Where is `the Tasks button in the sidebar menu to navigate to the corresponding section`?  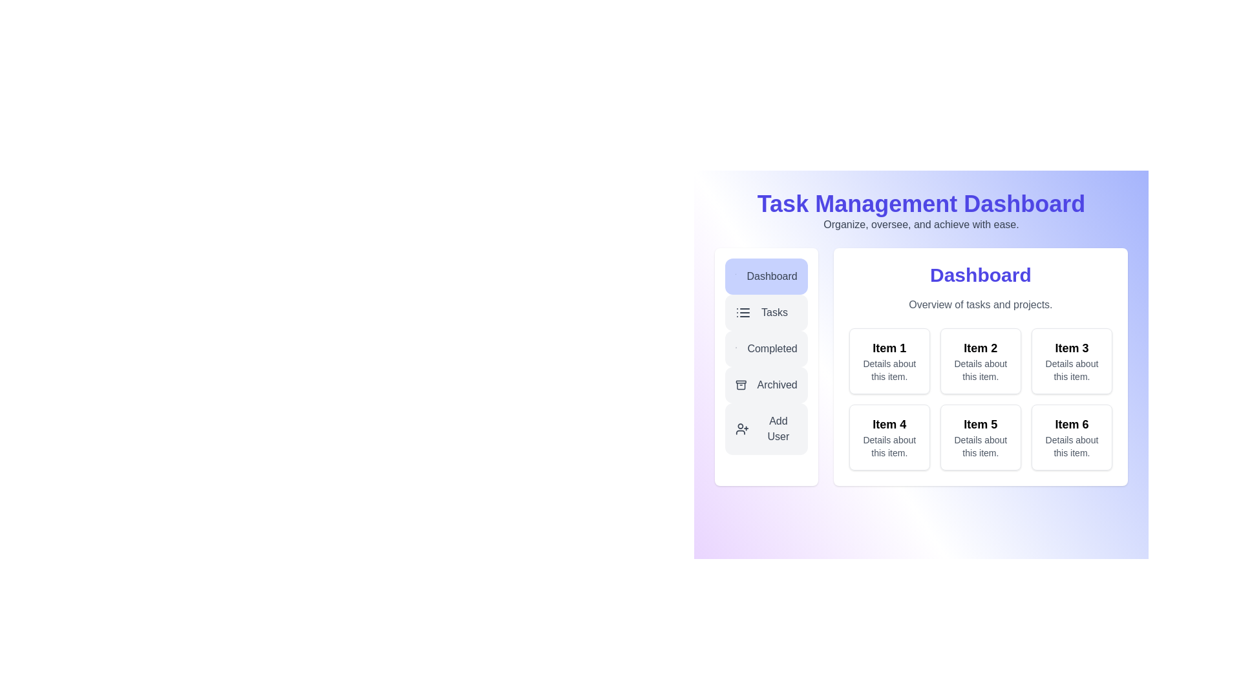
the Tasks button in the sidebar menu to navigate to the corresponding section is located at coordinates (766, 312).